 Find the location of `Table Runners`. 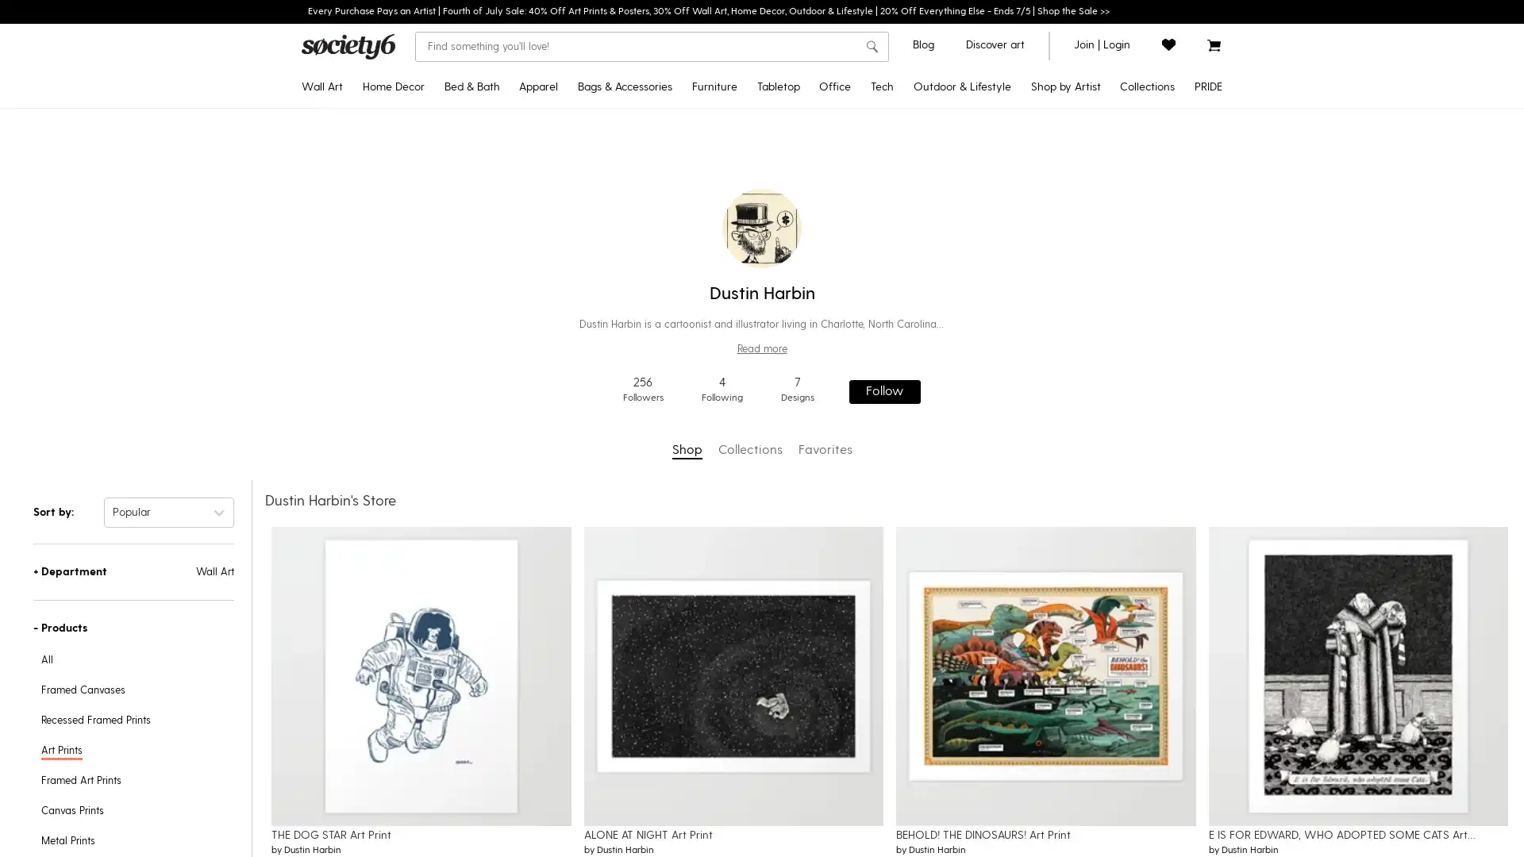

Table Runners is located at coordinates (807, 203).